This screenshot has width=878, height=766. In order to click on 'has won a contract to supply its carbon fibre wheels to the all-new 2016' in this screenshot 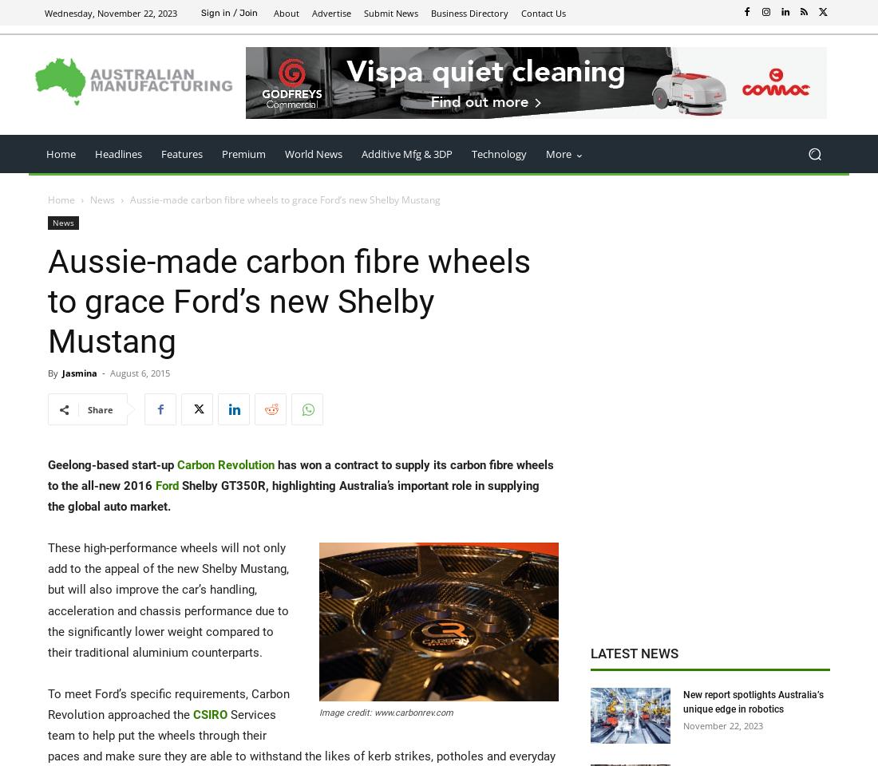, I will do `click(300, 475)`.